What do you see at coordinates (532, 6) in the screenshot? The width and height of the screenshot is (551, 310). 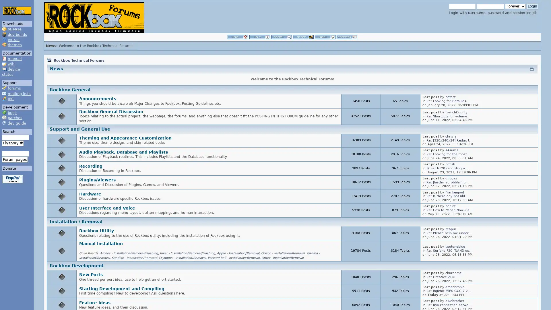 I see `Login` at bounding box center [532, 6].